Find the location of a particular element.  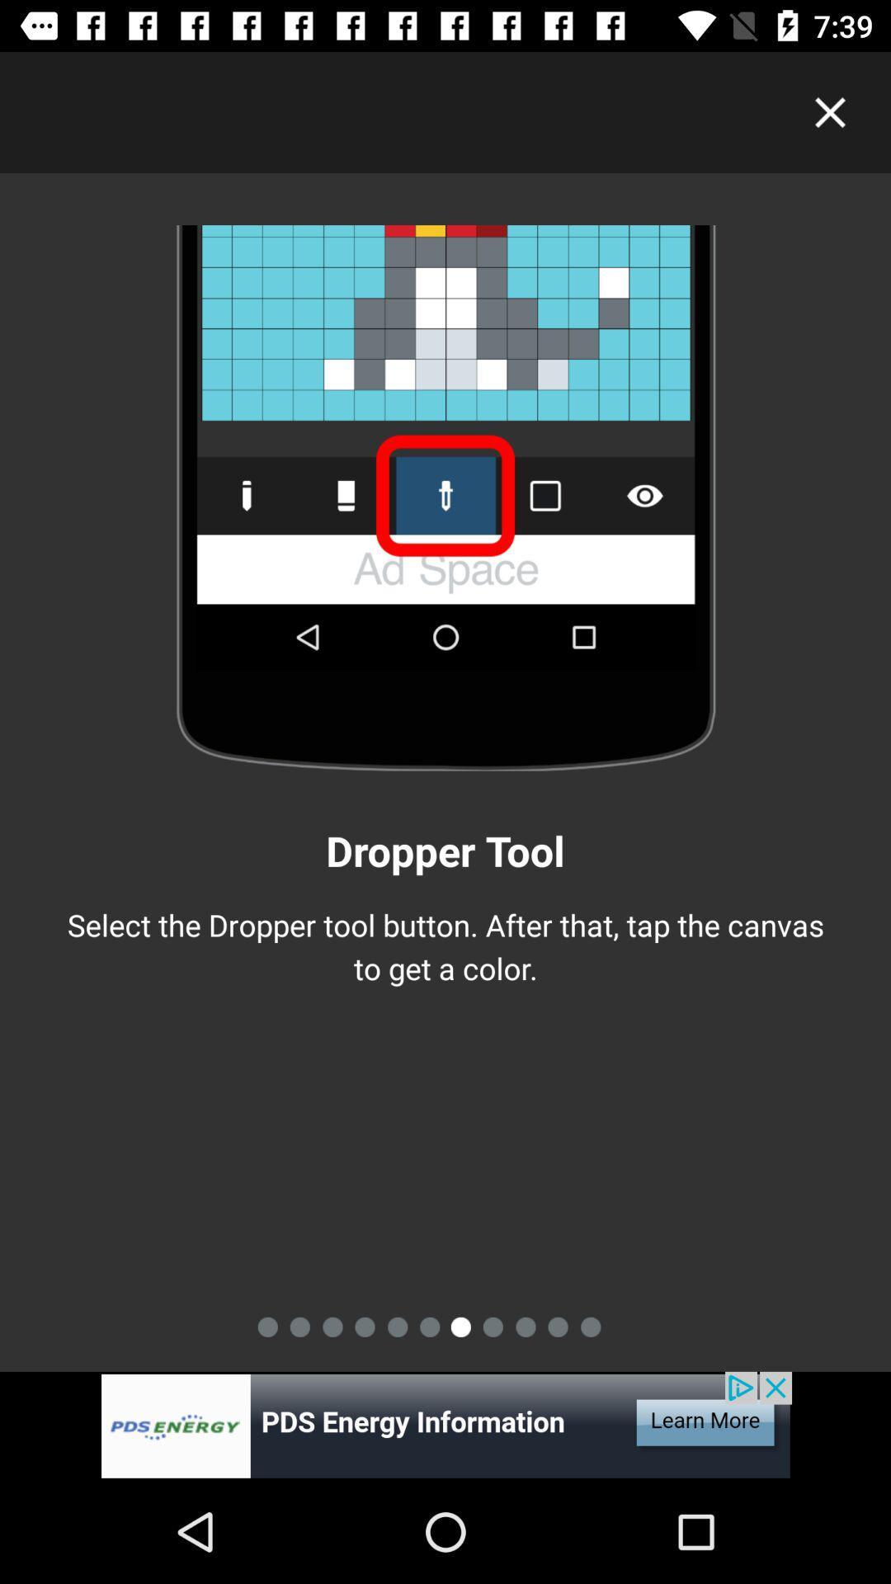

the dropper tool is located at coordinates (445, 1425).